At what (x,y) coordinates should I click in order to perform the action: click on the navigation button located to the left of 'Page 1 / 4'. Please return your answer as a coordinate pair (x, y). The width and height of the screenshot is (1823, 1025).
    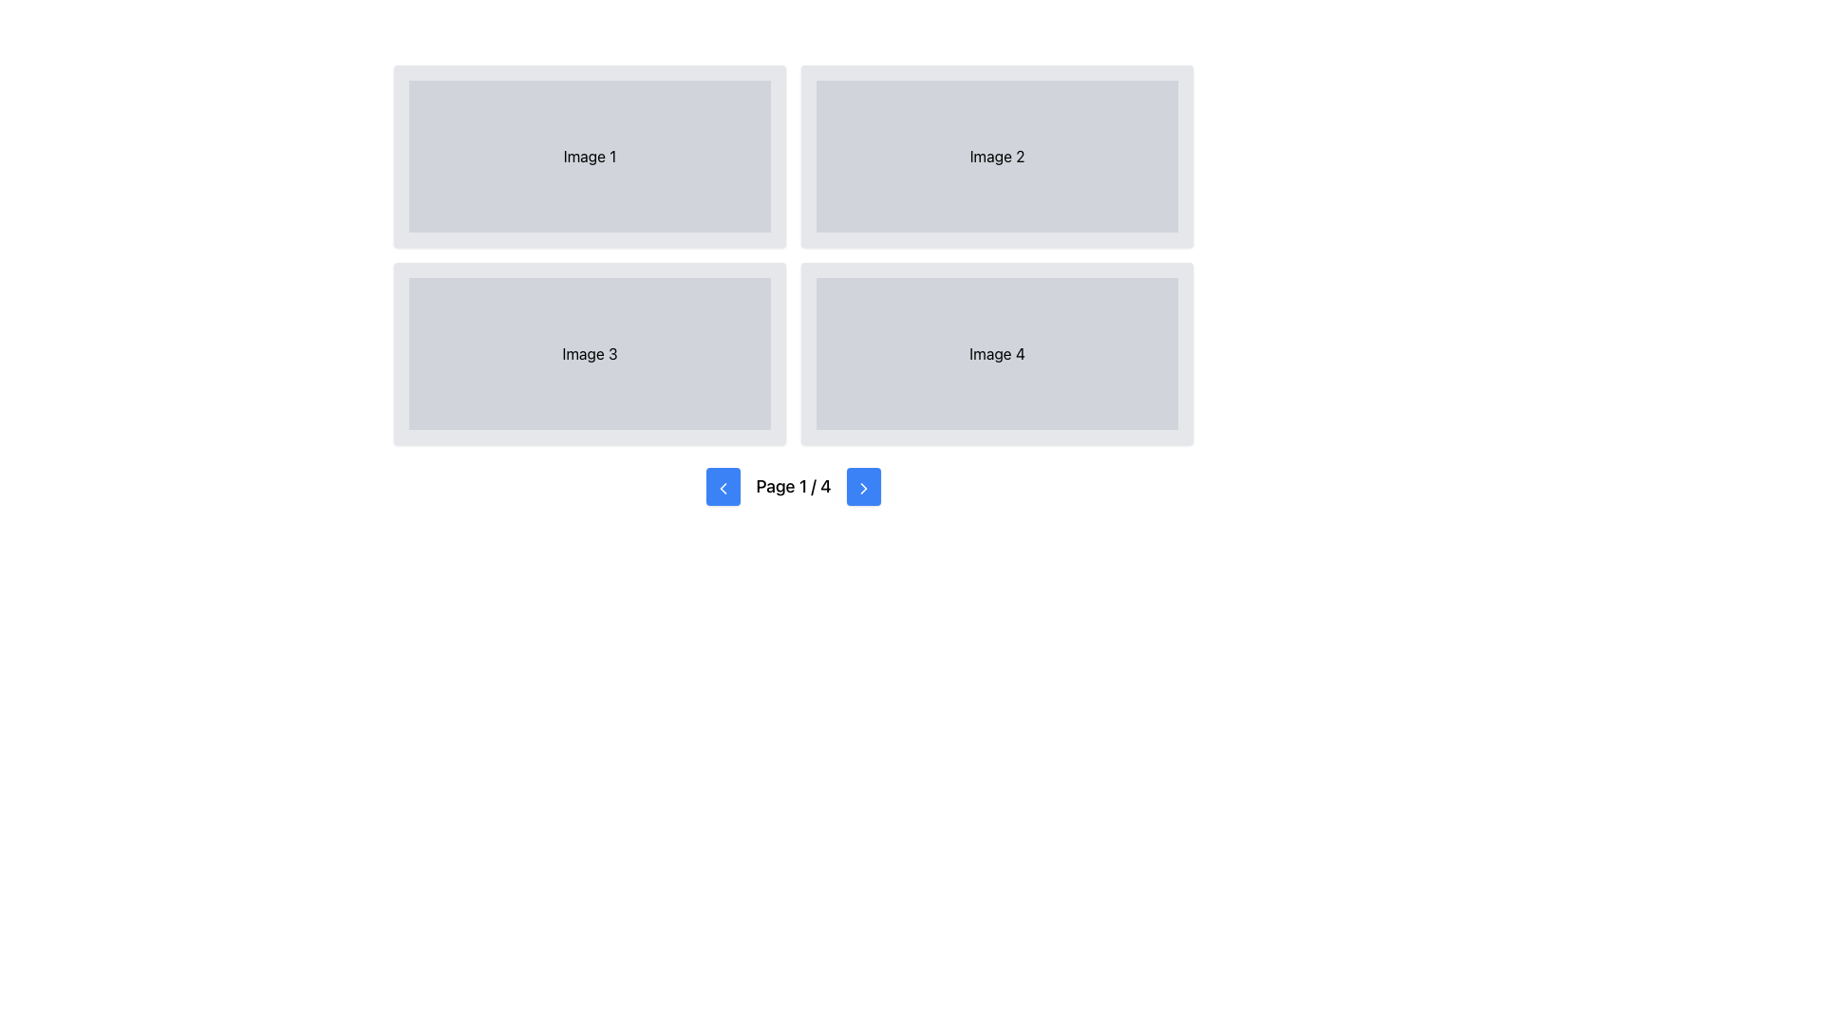
    Looking at the image, I should click on (723, 486).